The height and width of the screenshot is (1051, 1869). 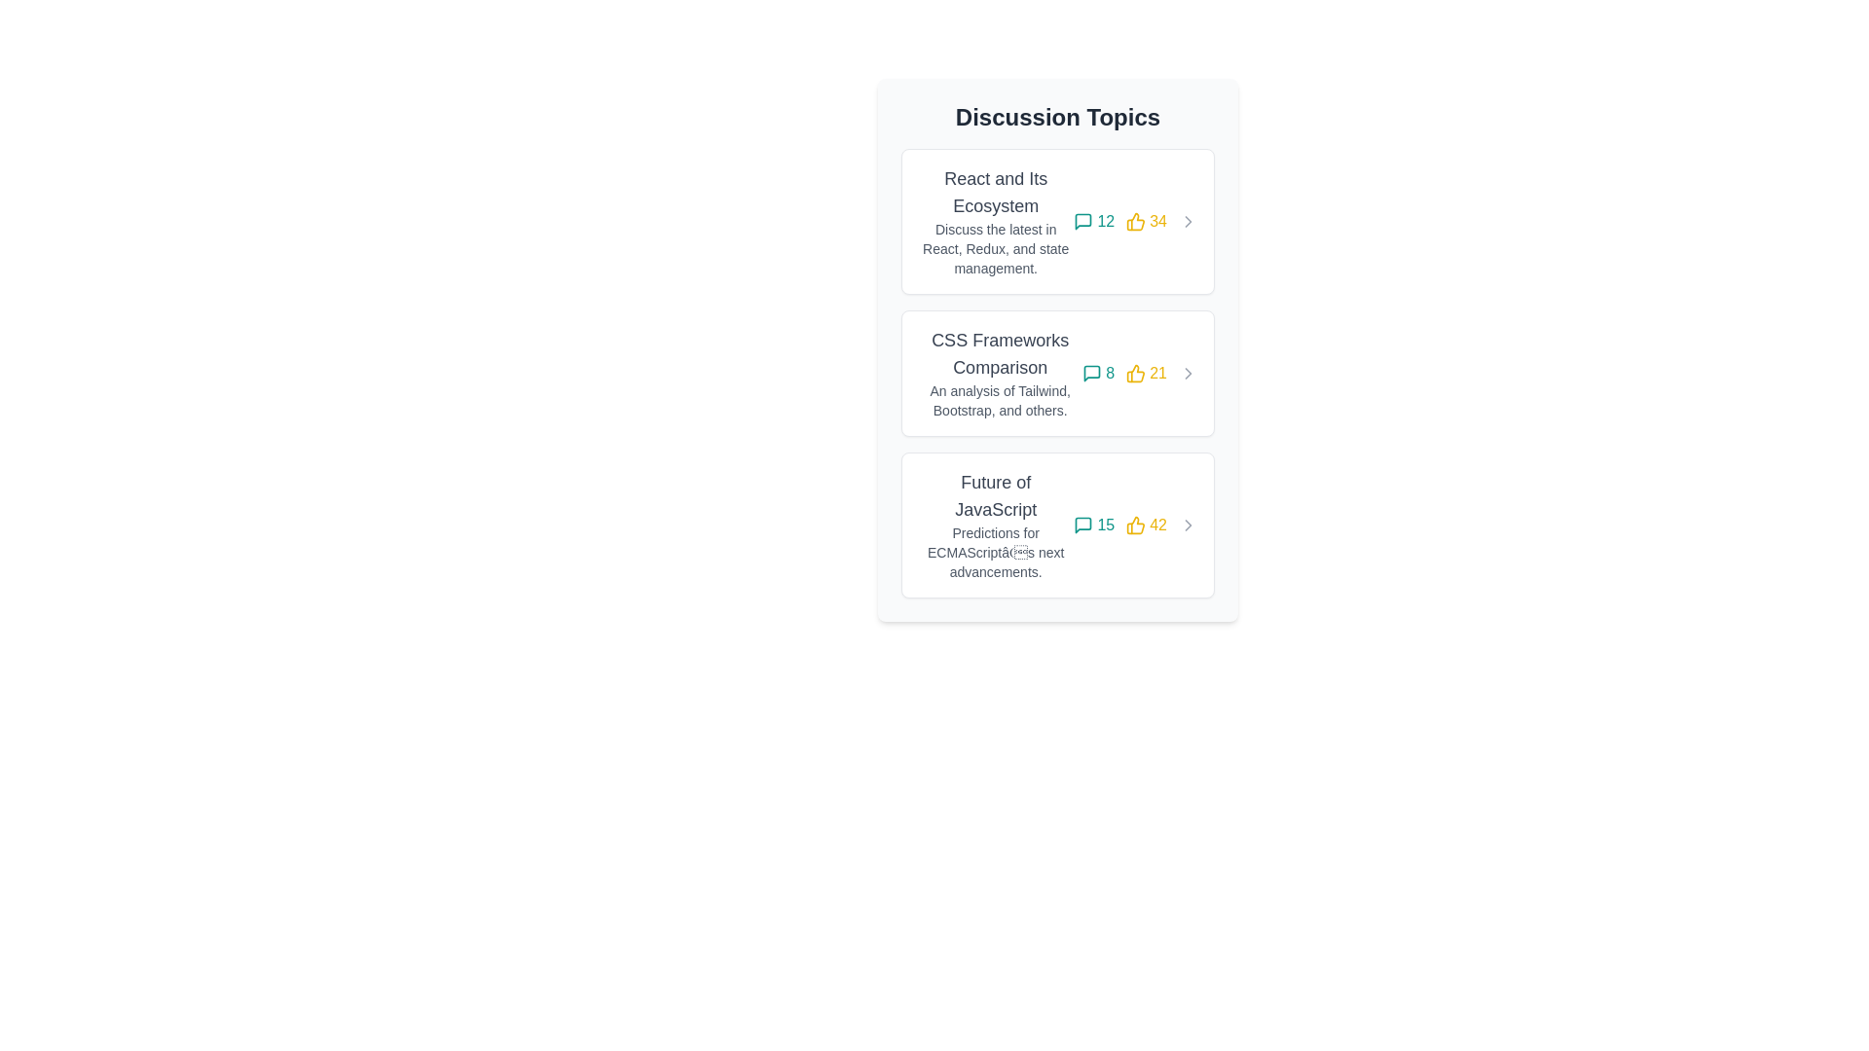 What do you see at coordinates (1092, 374) in the screenshot?
I see `the speech bubble icon with a teal-colored stroke in the 'Discussion Topics' section` at bounding box center [1092, 374].